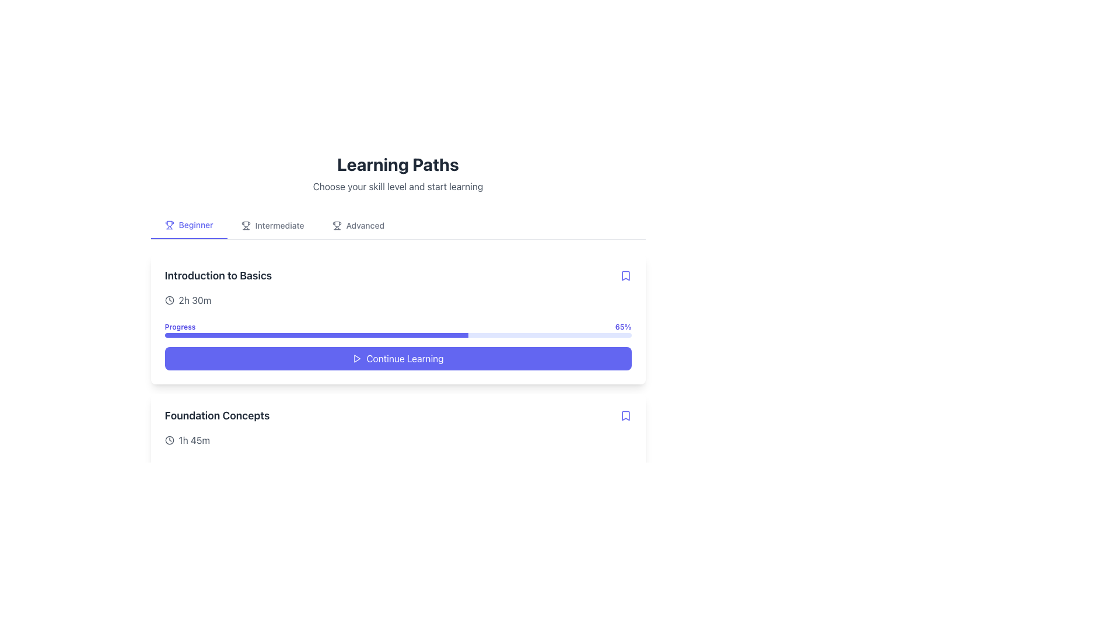 Image resolution: width=1120 pixels, height=630 pixels. Describe the element at coordinates (279, 225) in the screenshot. I see `the text label reading 'Intermediate' located in the navigation bar under 'Learning Paths', positioned between 'Beginner' and 'Advanced'` at that location.